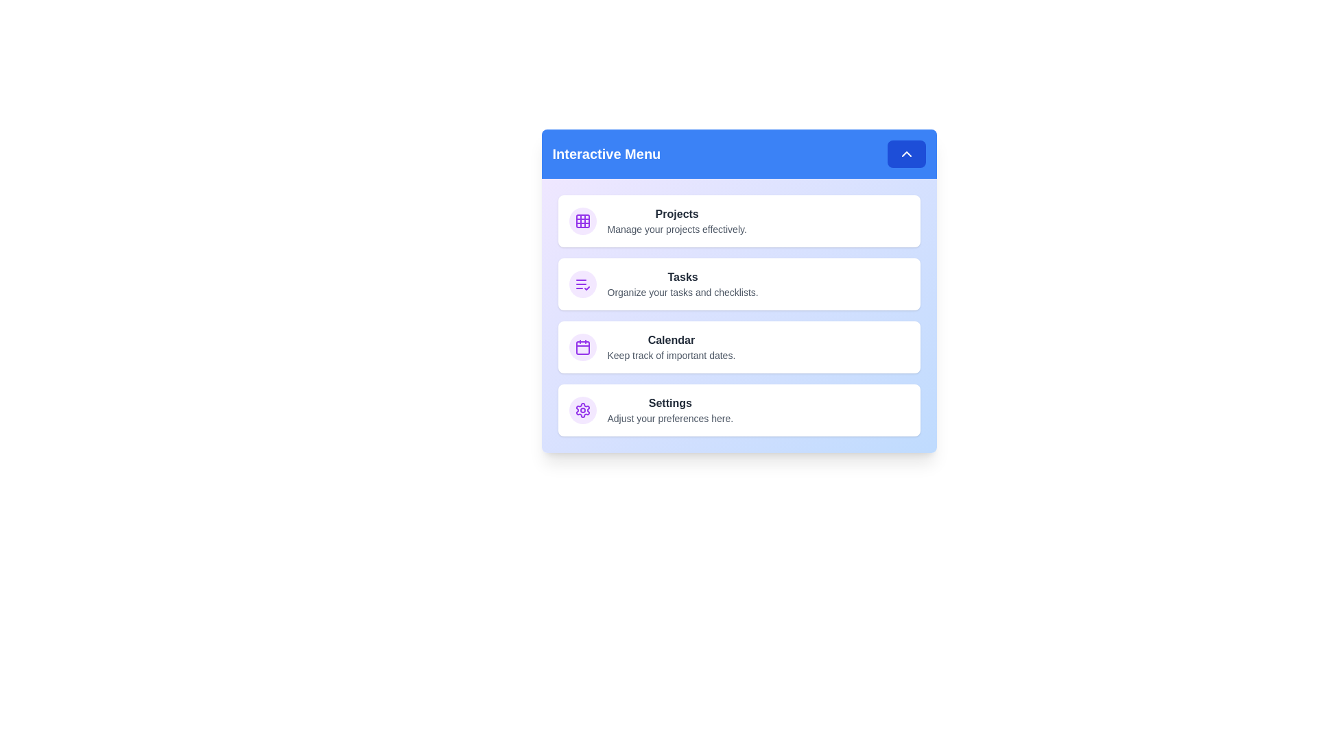 Image resolution: width=1317 pixels, height=740 pixels. I want to click on the menu item corresponding to Calendar, so click(738, 346).